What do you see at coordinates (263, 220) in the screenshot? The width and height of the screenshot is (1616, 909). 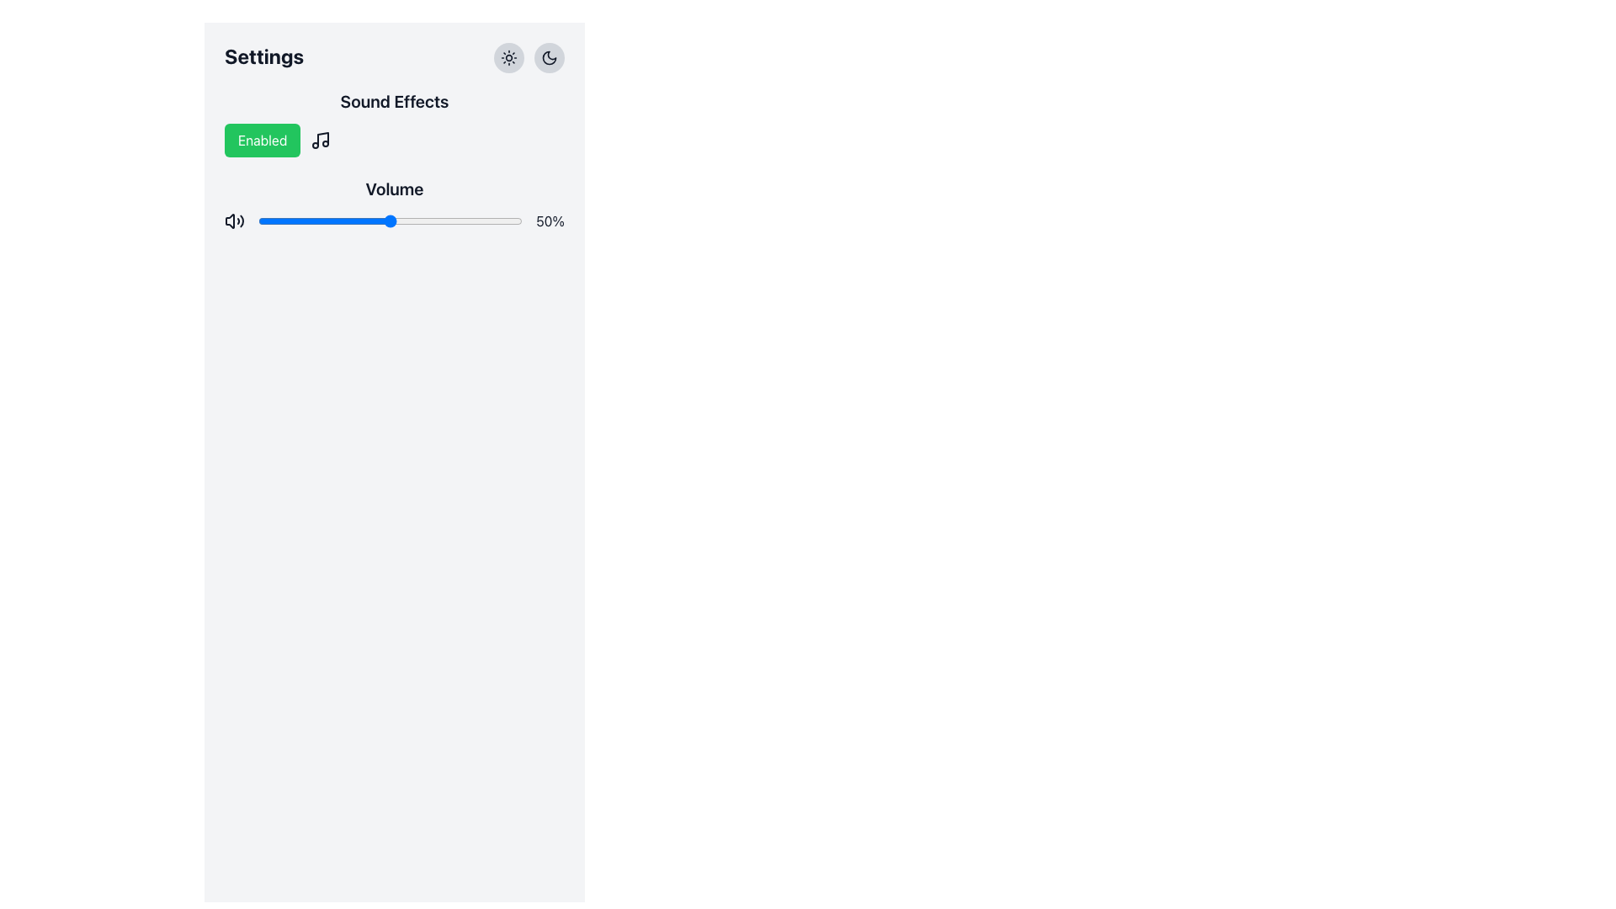 I see `the slider` at bounding box center [263, 220].